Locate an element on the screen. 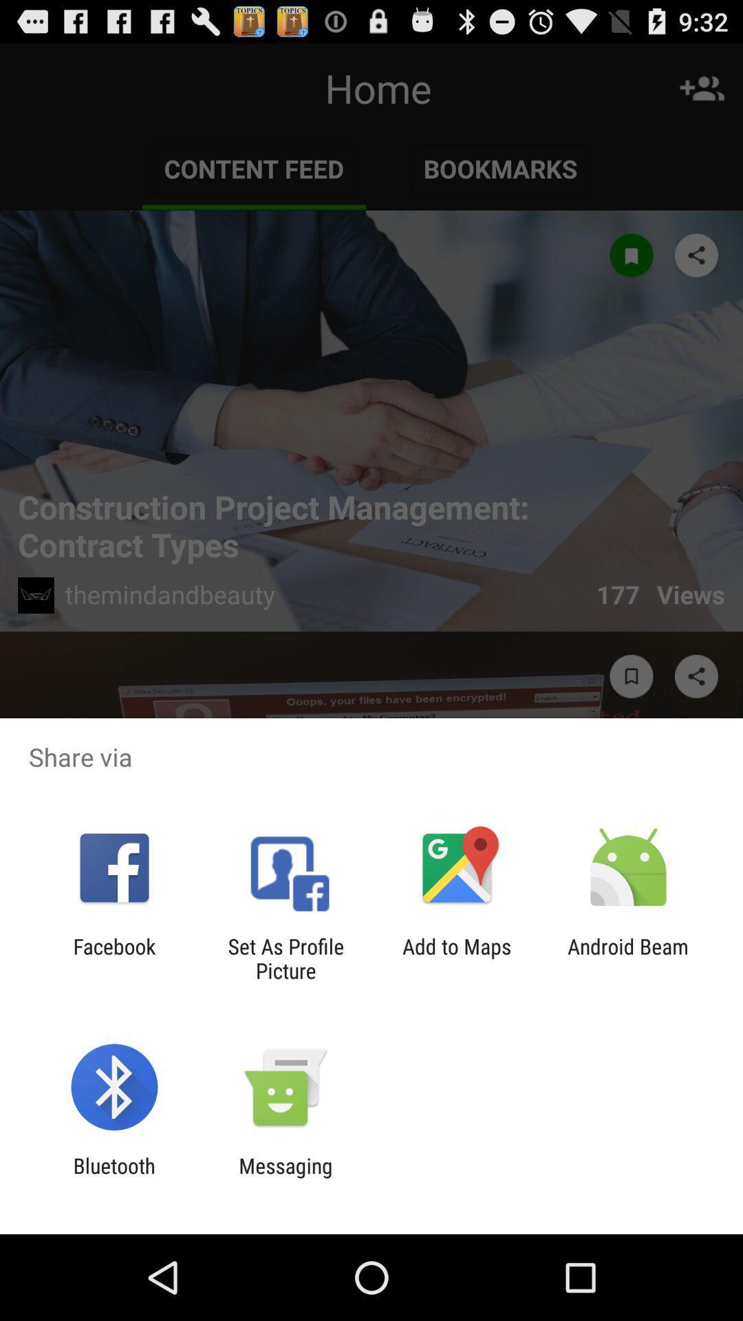 The height and width of the screenshot is (1321, 743). the app to the left of add to maps item is located at coordinates (285, 958).